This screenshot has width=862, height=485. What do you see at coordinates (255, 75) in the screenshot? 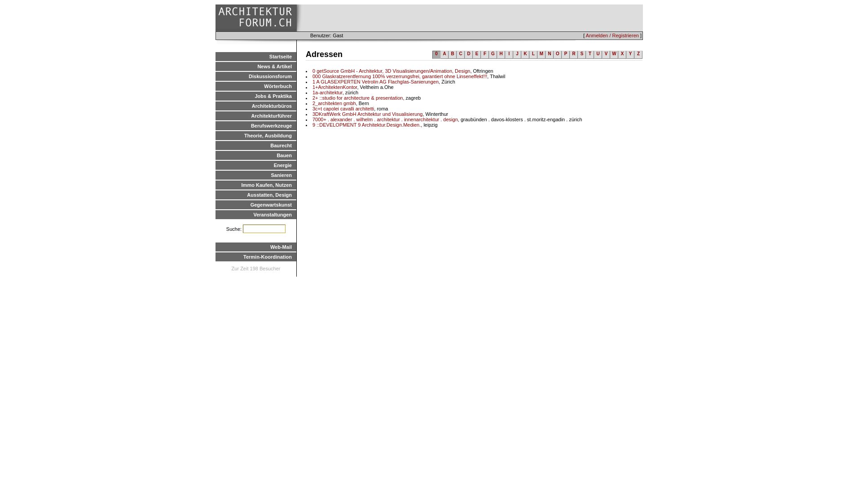
I see `'Diskussionsforum'` at bounding box center [255, 75].